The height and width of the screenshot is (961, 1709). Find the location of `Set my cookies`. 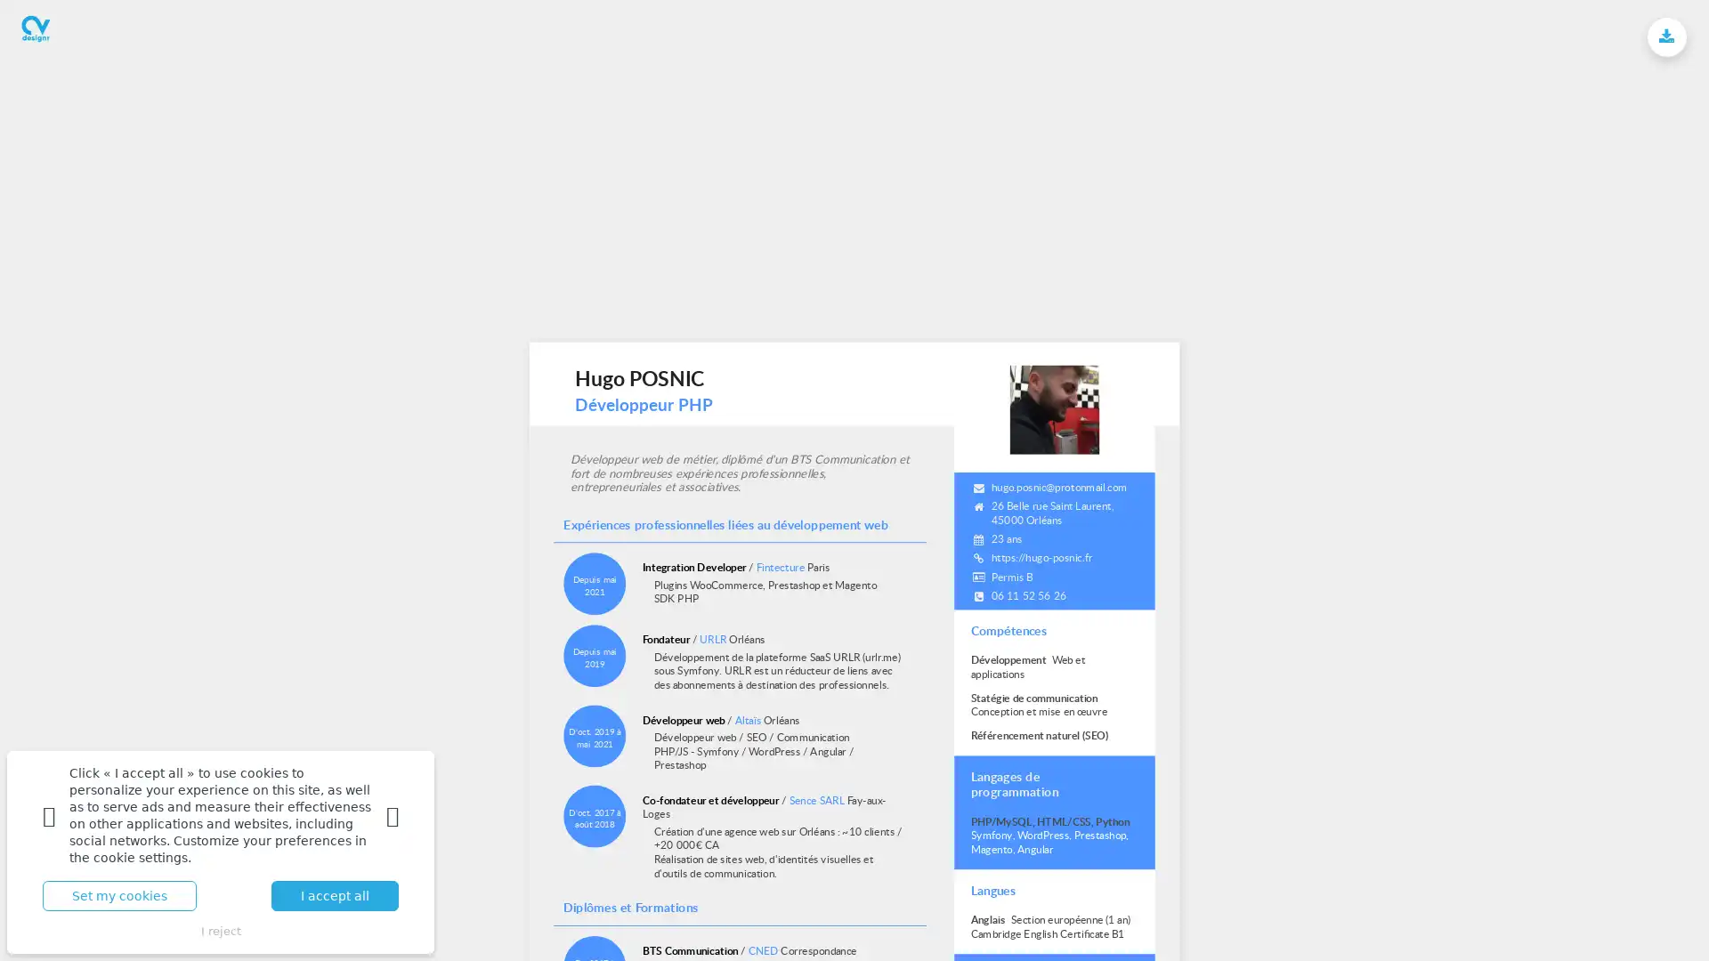

Set my cookies is located at coordinates (118, 895).